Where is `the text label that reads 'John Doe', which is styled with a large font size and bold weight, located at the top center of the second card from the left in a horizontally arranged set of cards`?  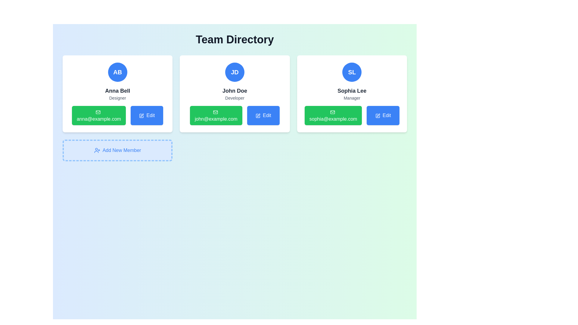
the text label that reads 'John Doe', which is styled with a large font size and bold weight, located at the top center of the second card from the left in a horizontally arranged set of cards is located at coordinates (234, 91).